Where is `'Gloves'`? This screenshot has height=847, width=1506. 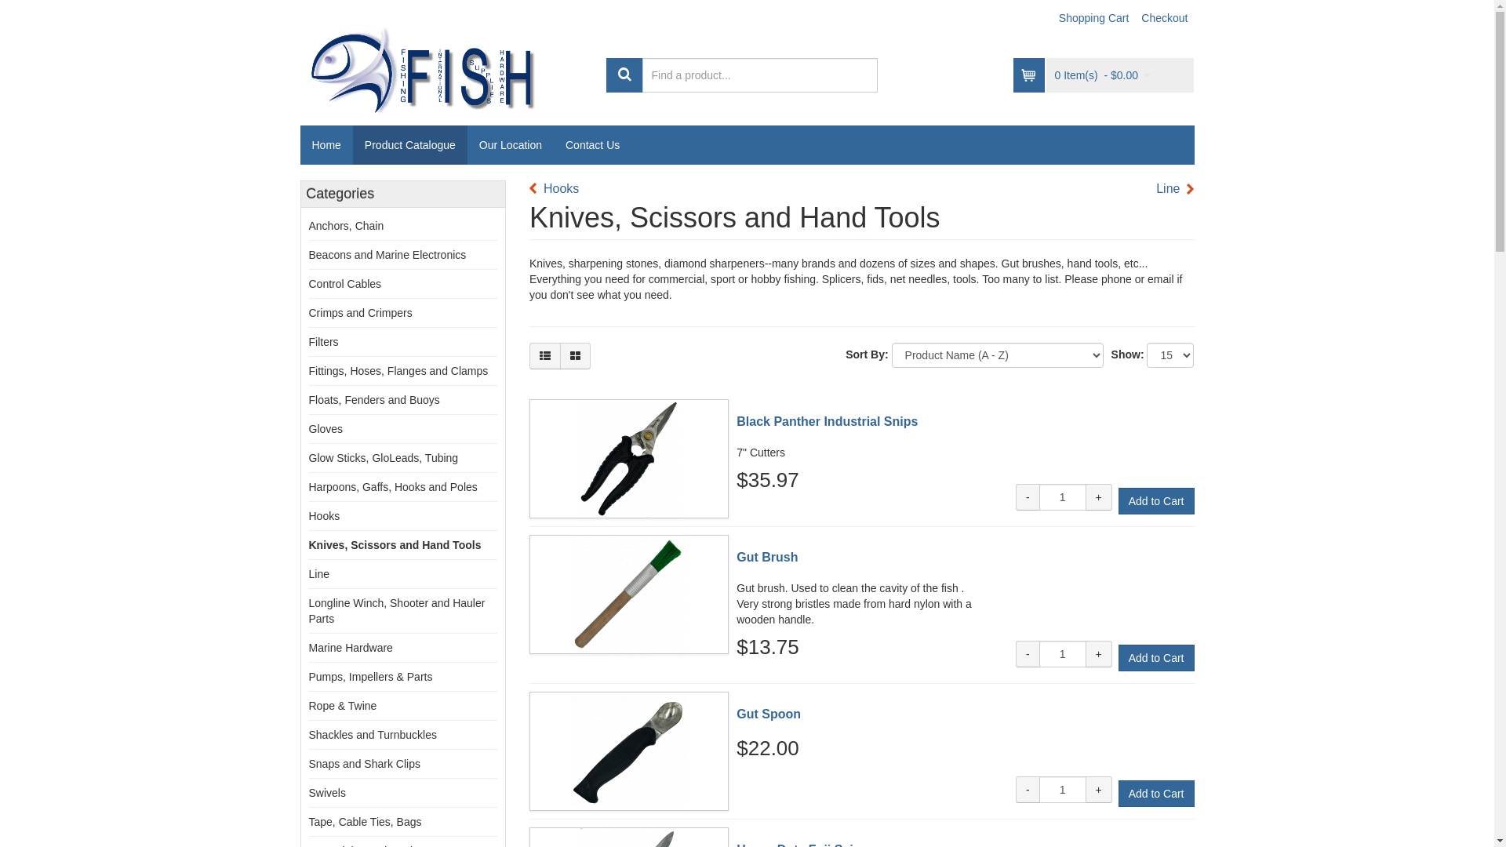 'Gloves' is located at coordinates (308, 429).